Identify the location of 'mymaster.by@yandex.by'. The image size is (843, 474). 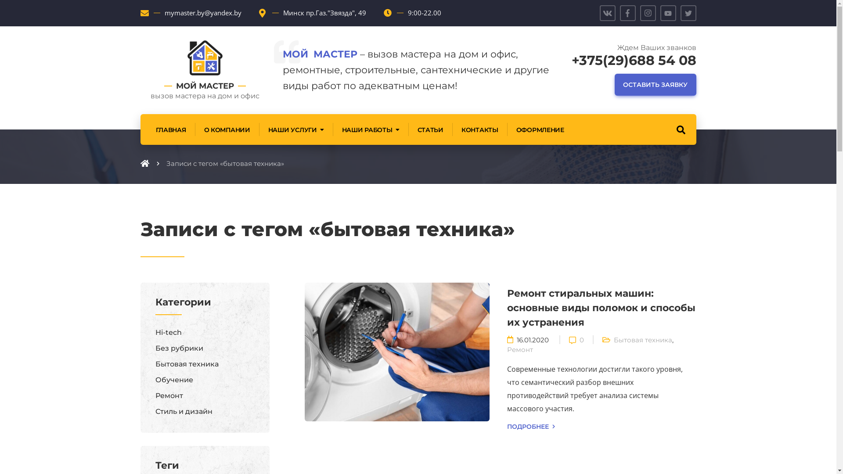
(202, 13).